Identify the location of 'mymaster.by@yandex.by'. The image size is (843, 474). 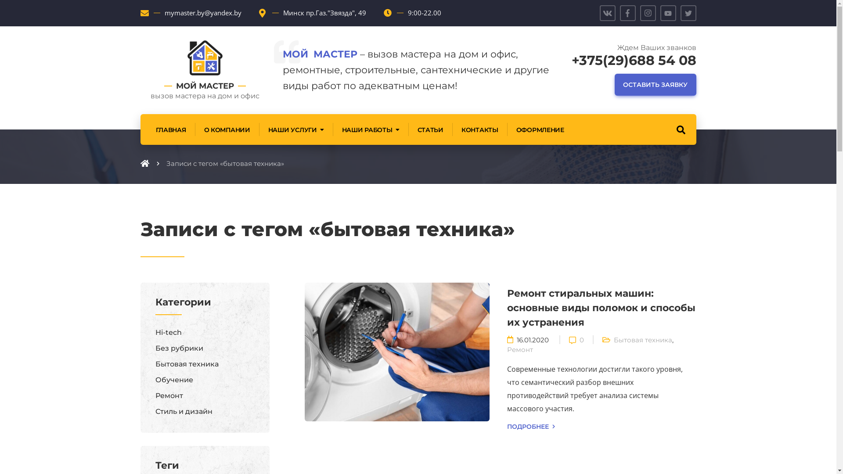
(202, 13).